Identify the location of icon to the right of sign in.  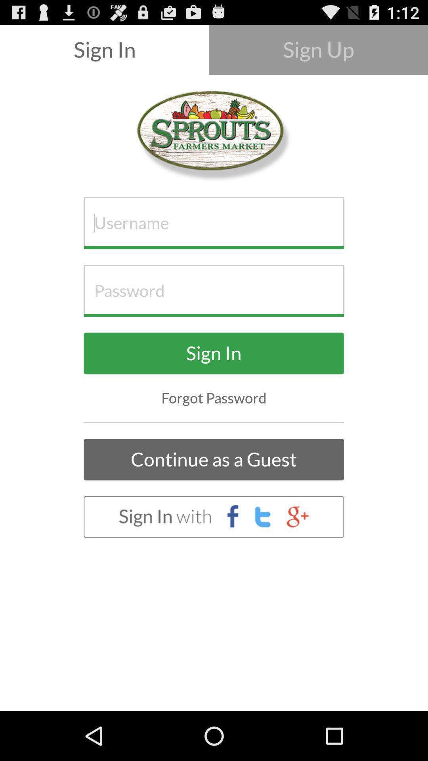
(318, 49).